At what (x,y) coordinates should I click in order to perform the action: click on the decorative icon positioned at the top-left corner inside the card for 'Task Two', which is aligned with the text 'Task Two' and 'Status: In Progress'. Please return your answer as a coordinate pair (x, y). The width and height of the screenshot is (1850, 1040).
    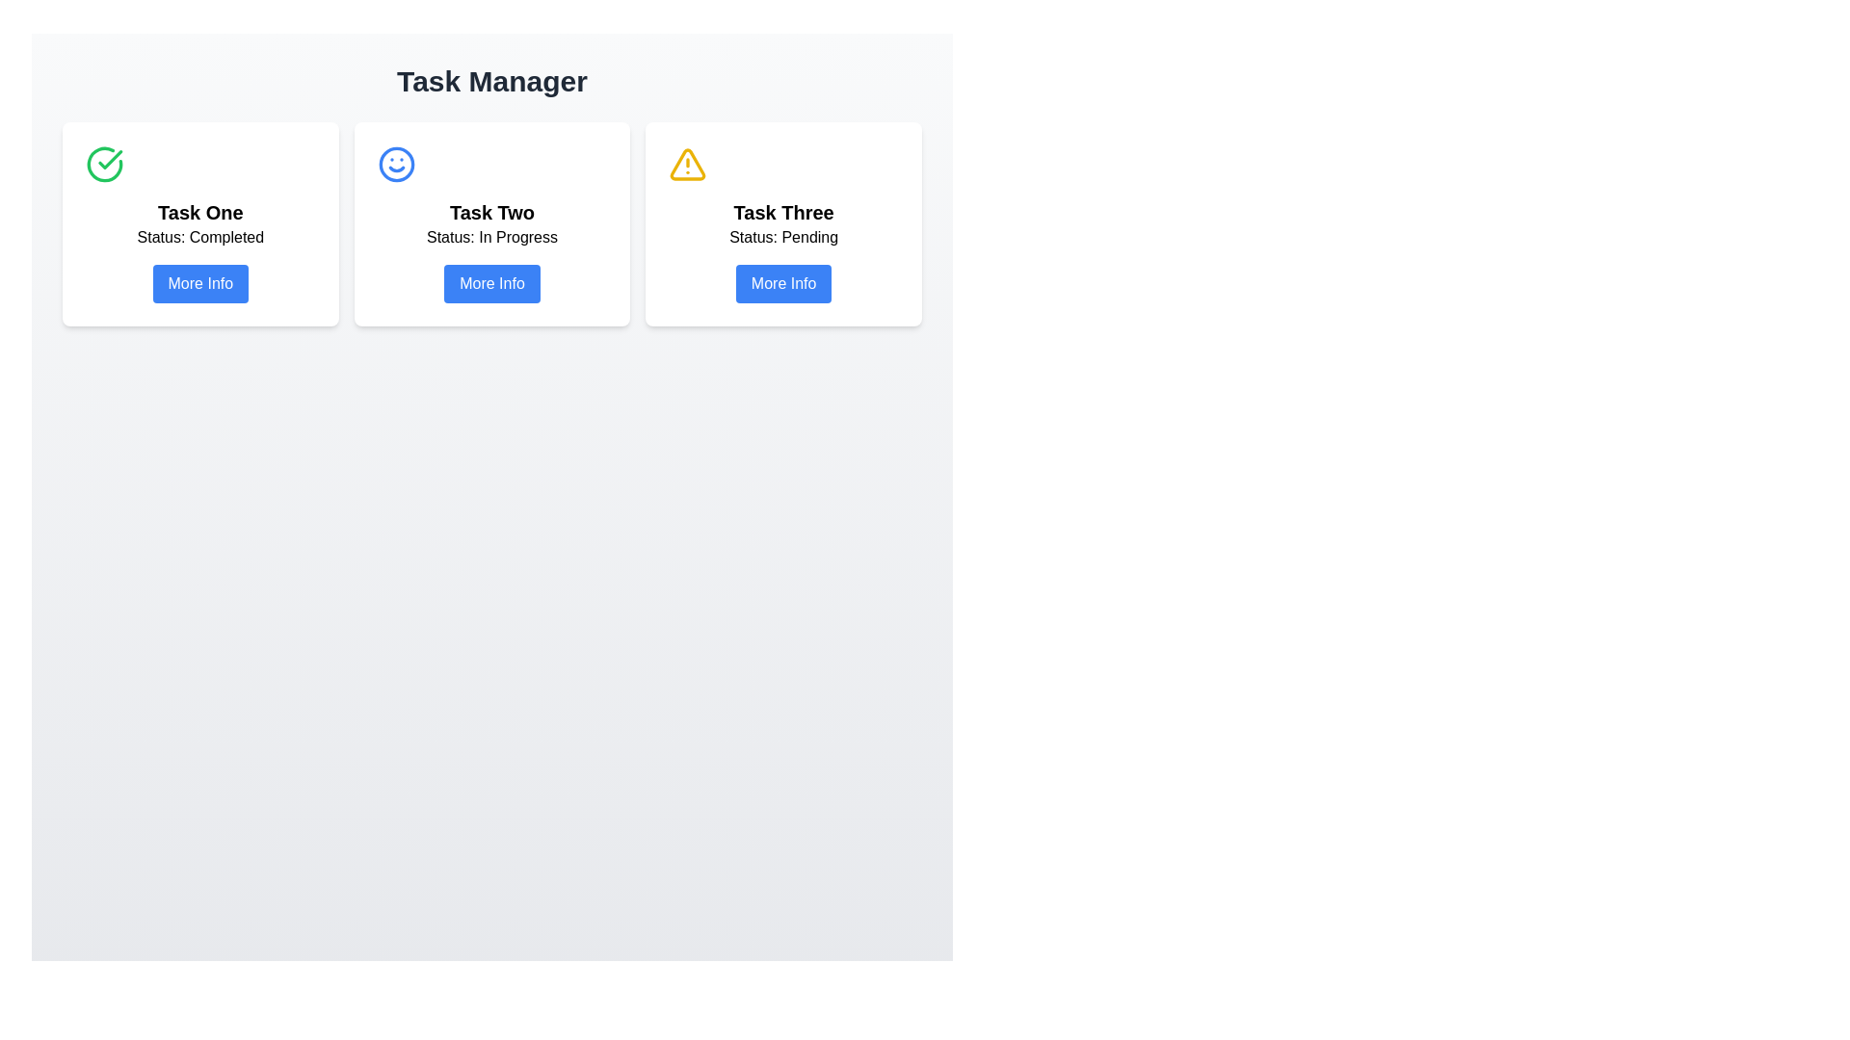
    Looking at the image, I should click on (395, 163).